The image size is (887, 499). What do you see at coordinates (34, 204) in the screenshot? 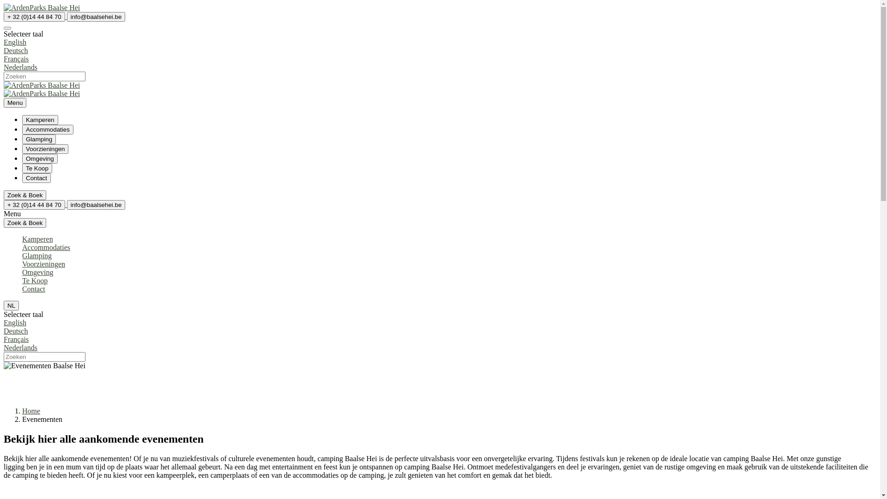
I see `'+ 32 (0)14 44 84 70'` at bounding box center [34, 204].